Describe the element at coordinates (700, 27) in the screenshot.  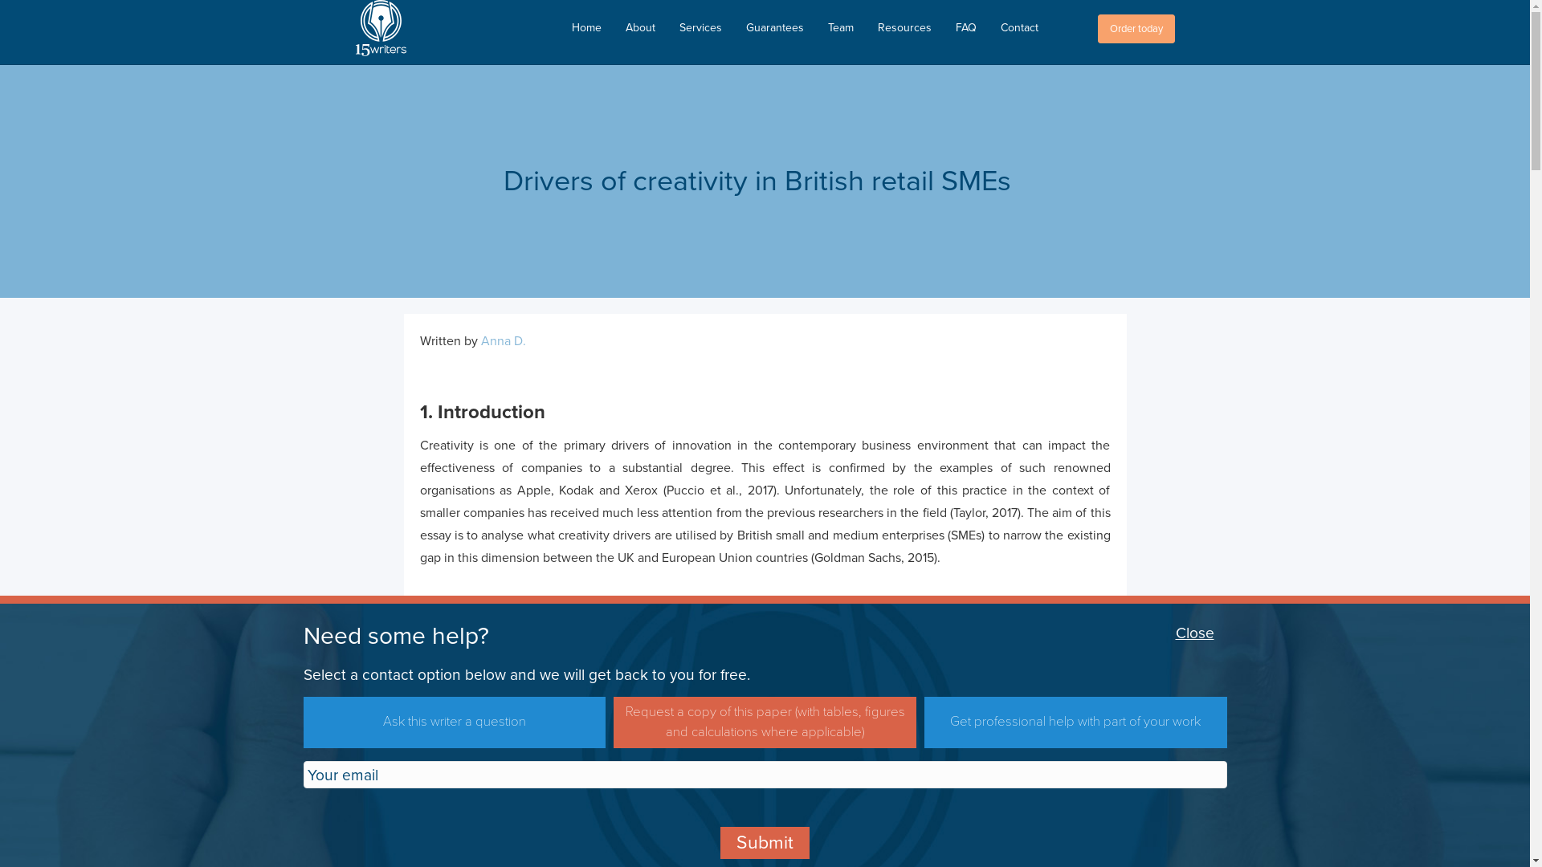
I see `'Services'` at that location.